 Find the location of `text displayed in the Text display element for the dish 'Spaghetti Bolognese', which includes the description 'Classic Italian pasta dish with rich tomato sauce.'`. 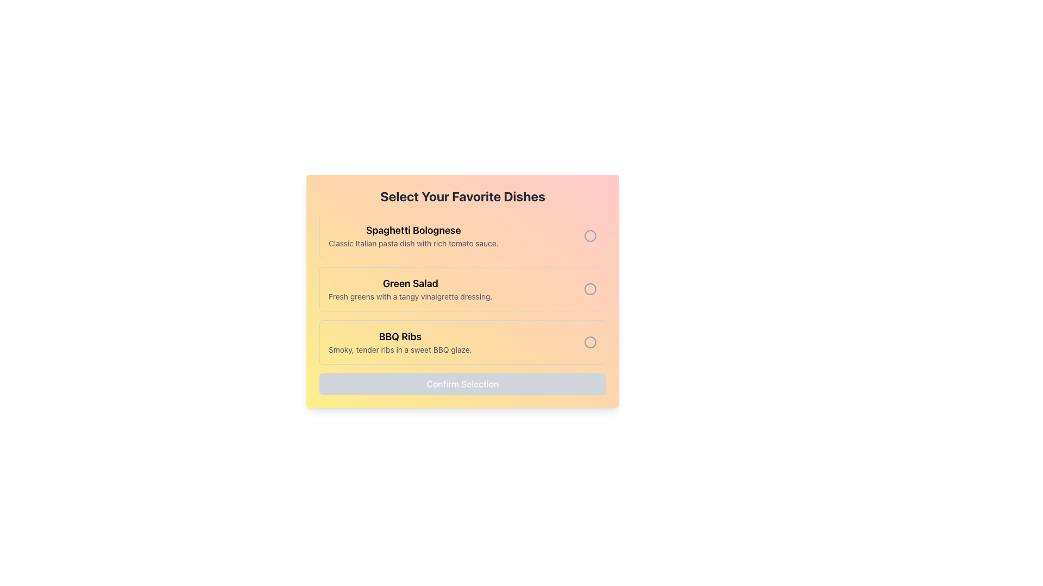

text displayed in the Text display element for the dish 'Spaghetti Bolognese', which includes the description 'Classic Italian pasta dish with rich tomato sauce.' is located at coordinates (413, 235).